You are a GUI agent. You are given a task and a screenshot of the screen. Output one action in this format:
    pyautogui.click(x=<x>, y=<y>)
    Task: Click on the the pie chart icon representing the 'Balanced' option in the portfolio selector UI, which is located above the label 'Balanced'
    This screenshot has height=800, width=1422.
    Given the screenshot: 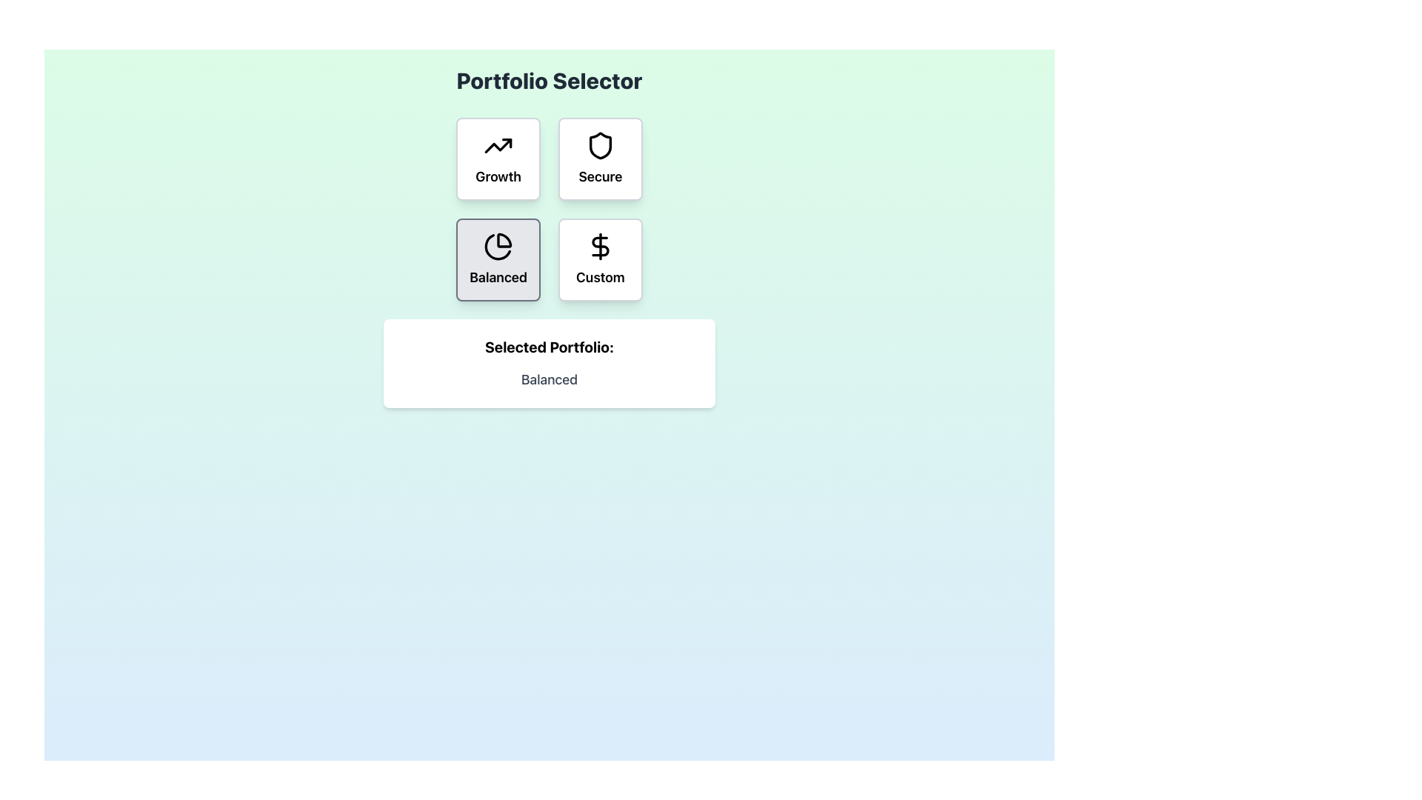 What is the action you would take?
    pyautogui.click(x=498, y=245)
    